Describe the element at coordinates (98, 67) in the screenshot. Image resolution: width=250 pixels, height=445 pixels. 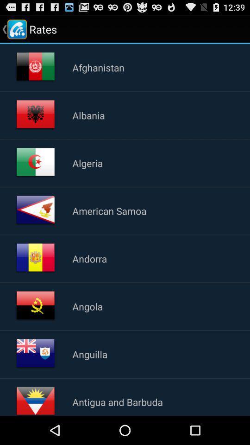
I see `icon above the albania icon` at that location.